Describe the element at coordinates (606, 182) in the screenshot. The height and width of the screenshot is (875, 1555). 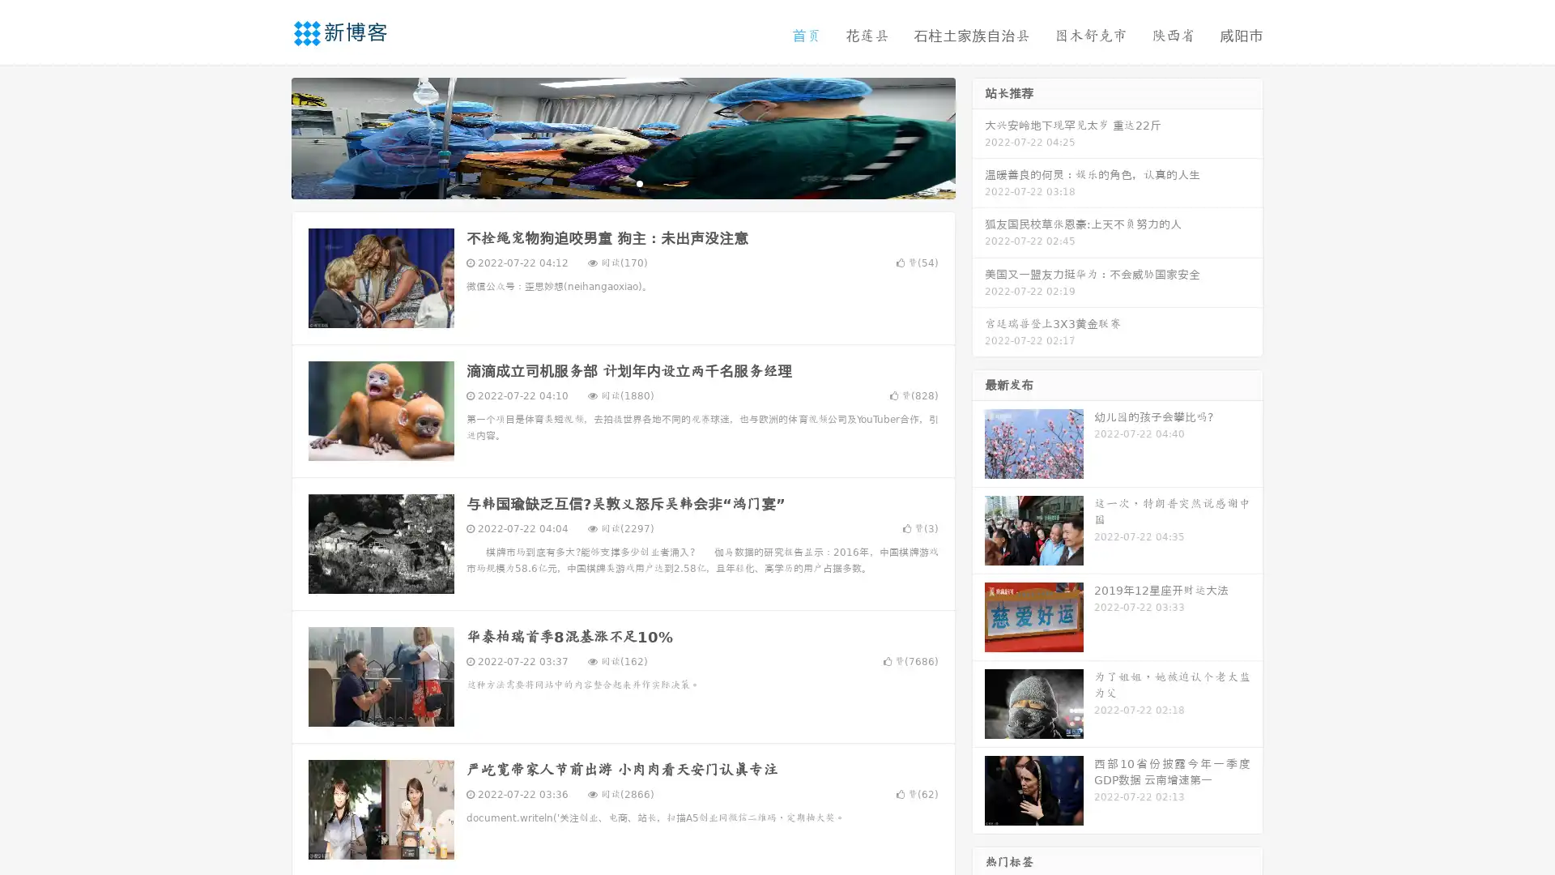
I see `Go to slide 1` at that location.